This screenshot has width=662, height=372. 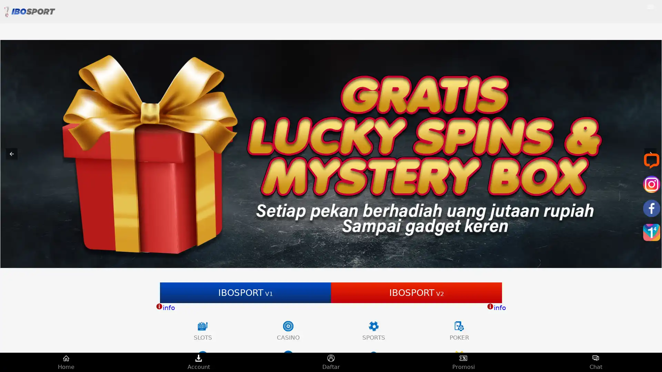 I want to click on Next item in carousel (5 of 5), so click(x=650, y=154).